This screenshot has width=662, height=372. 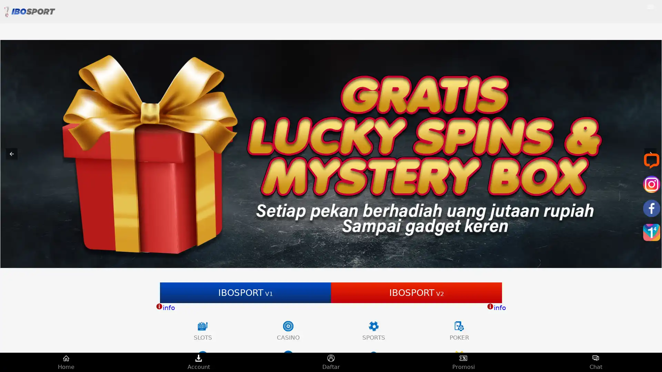 I want to click on Next item in carousel (5 of 5), so click(x=650, y=154).